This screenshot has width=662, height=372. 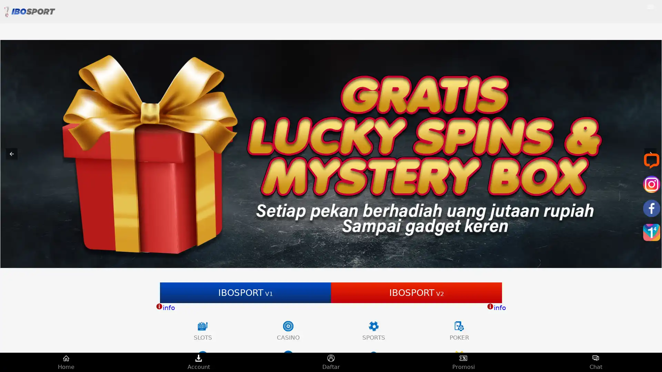 I want to click on Next item in carousel (5 of 5), so click(x=650, y=154).